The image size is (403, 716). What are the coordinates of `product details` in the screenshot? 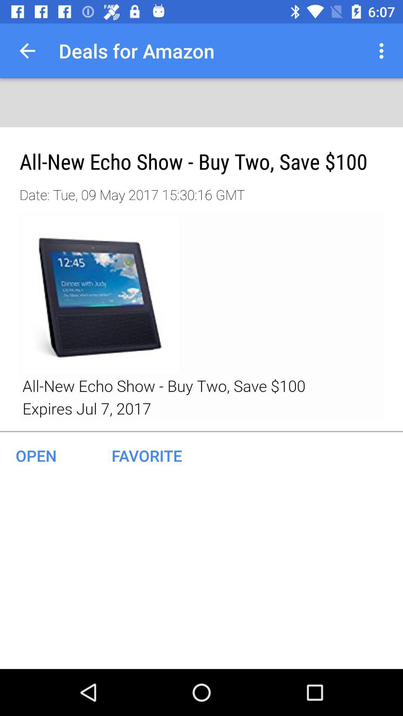 It's located at (201, 317).